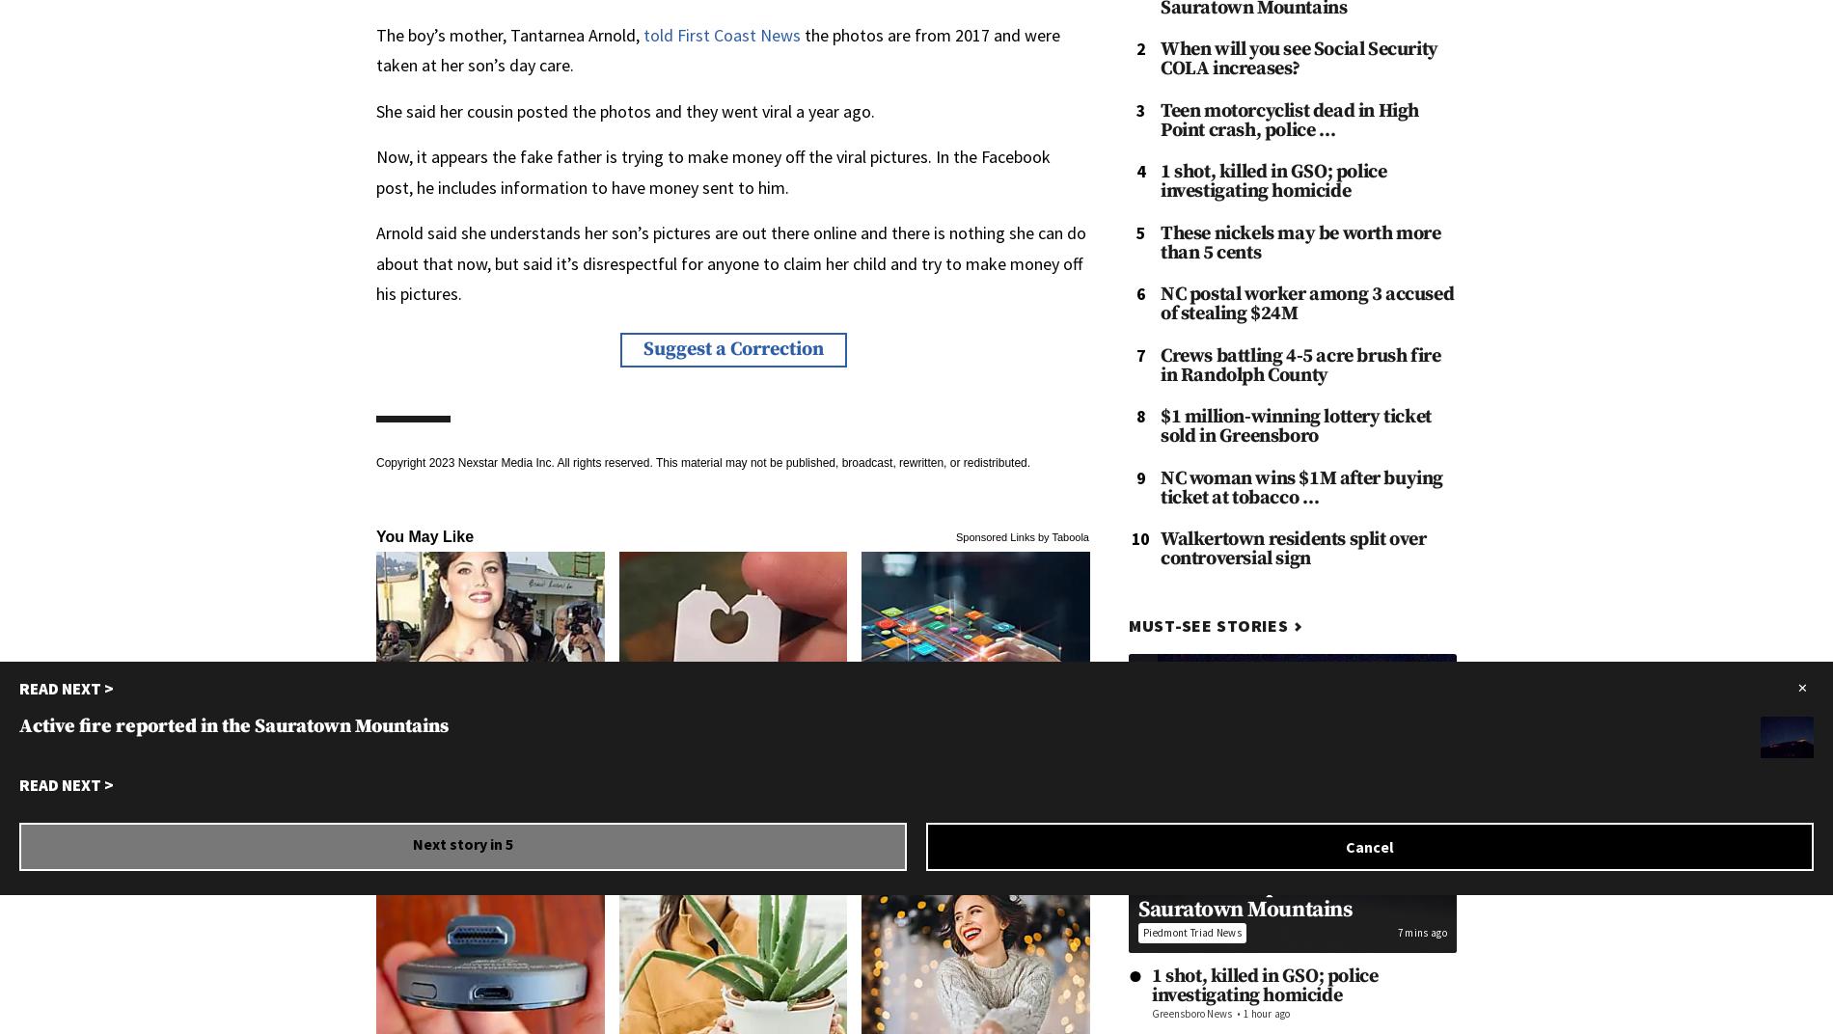 Image resolution: width=1833 pixels, height=1034 pixels. What do you see at coordinates (1421, 932) in the screenshot?
I see `'7 mins ago'` at bounding box center [1421, 932].